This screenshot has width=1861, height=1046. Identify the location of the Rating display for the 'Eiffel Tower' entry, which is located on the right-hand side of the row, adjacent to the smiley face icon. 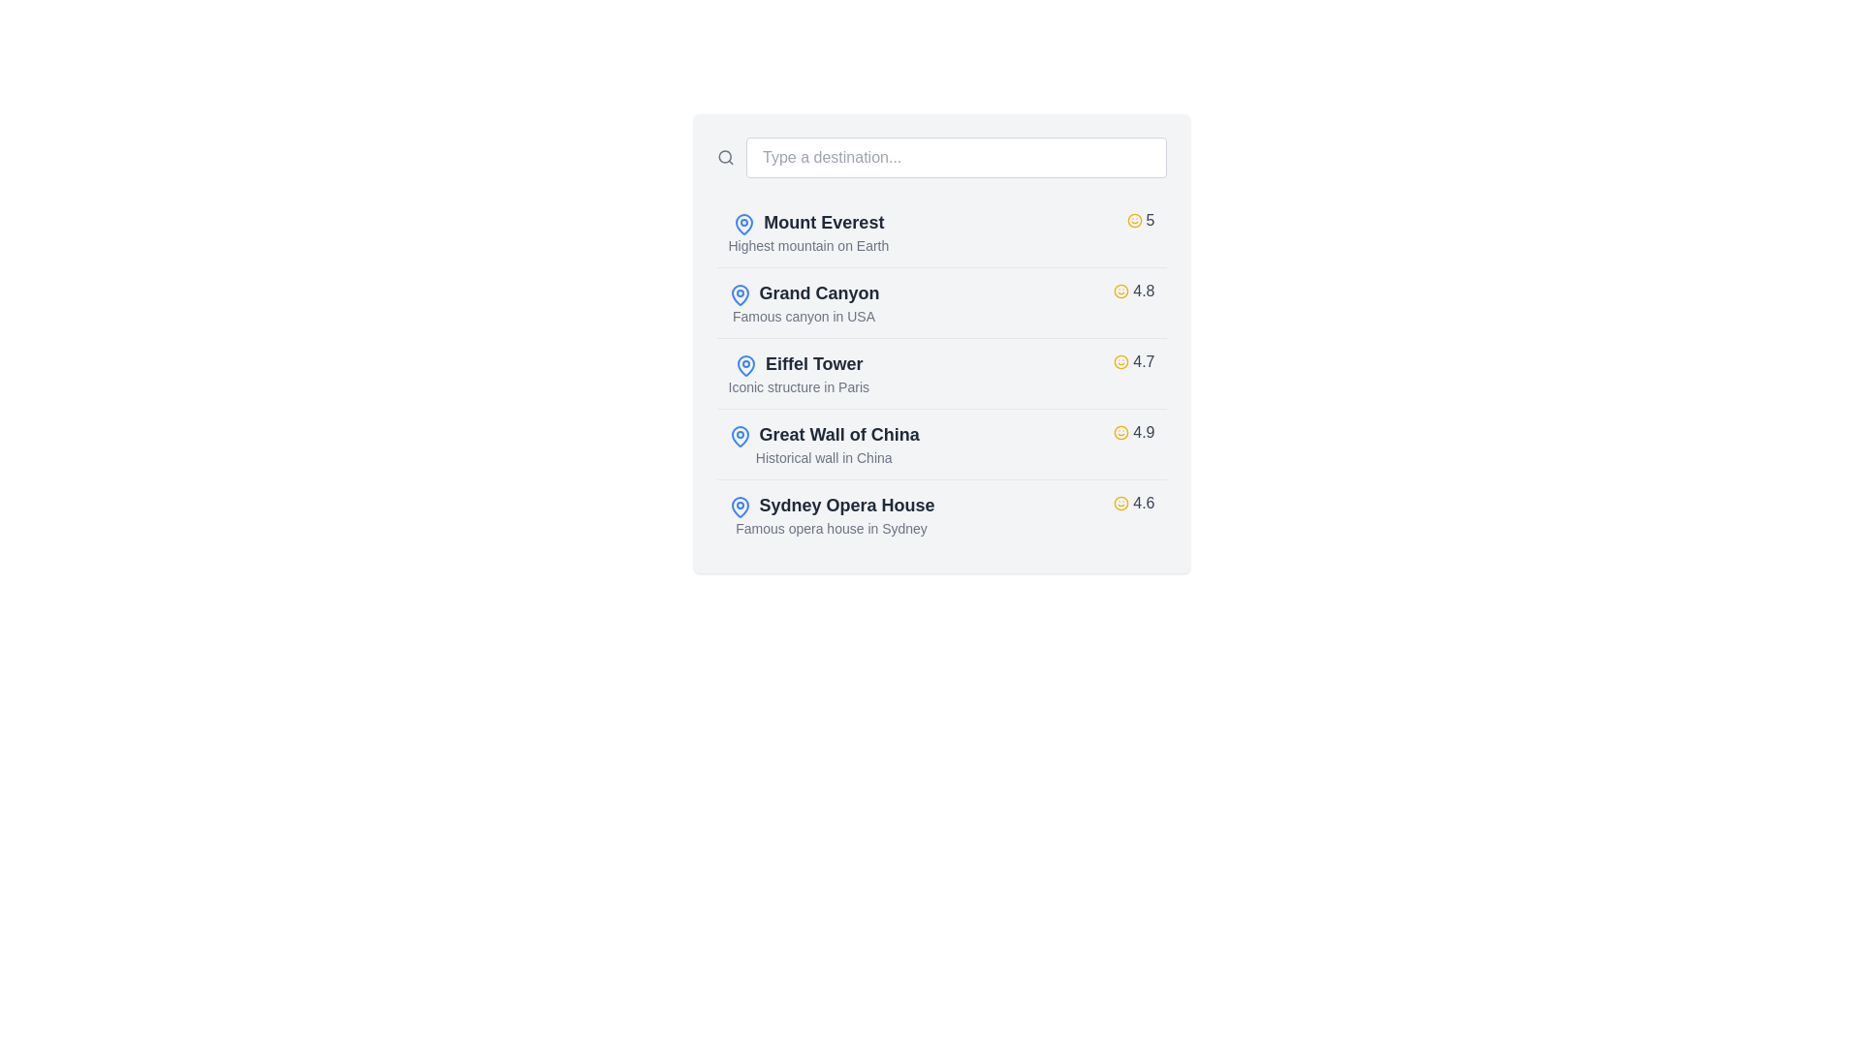
(1134, 362).